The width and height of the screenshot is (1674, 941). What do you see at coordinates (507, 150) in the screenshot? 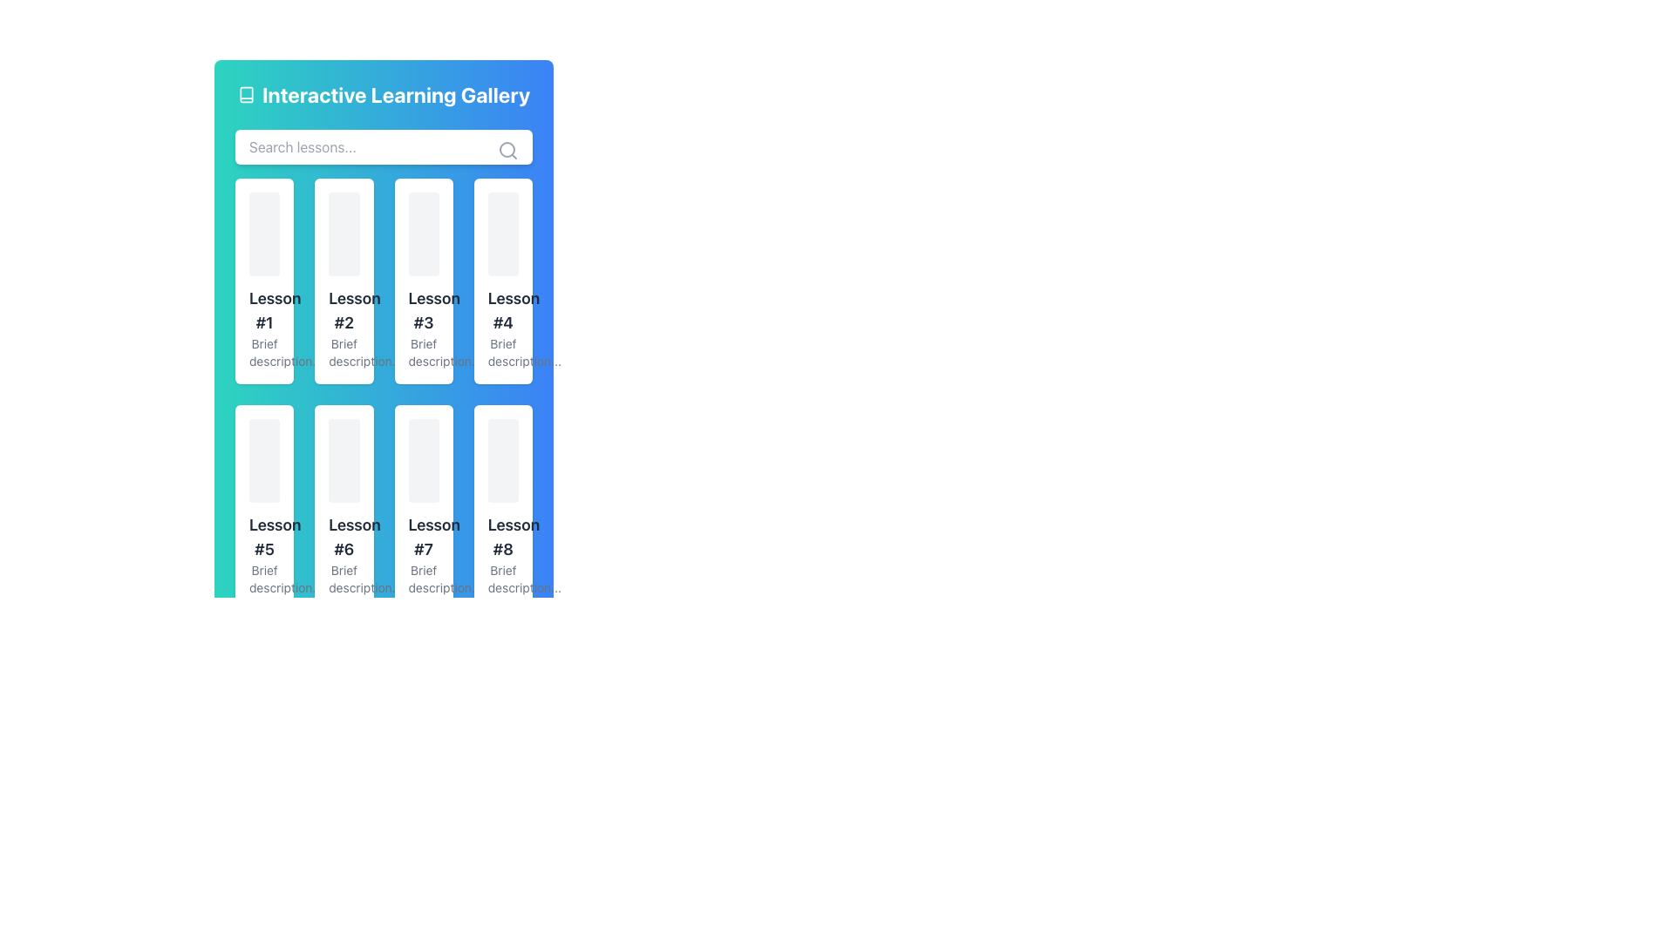
I see `the search icon located at the far-right side of the 'Search lessons...' input field within the 'Interactive Learning Gallery' component` at bounding box center [507, 150].